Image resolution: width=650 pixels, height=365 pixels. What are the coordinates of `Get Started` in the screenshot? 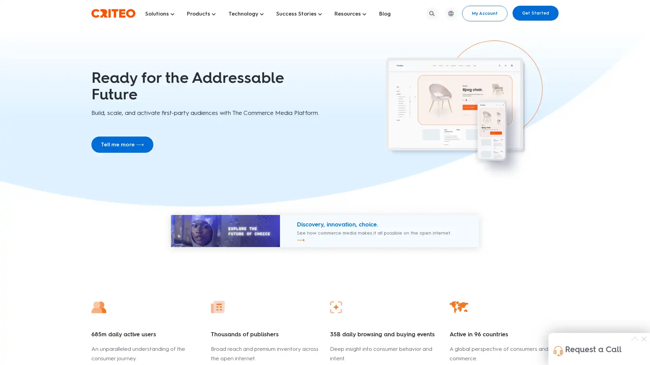 It's located at (535, 13).